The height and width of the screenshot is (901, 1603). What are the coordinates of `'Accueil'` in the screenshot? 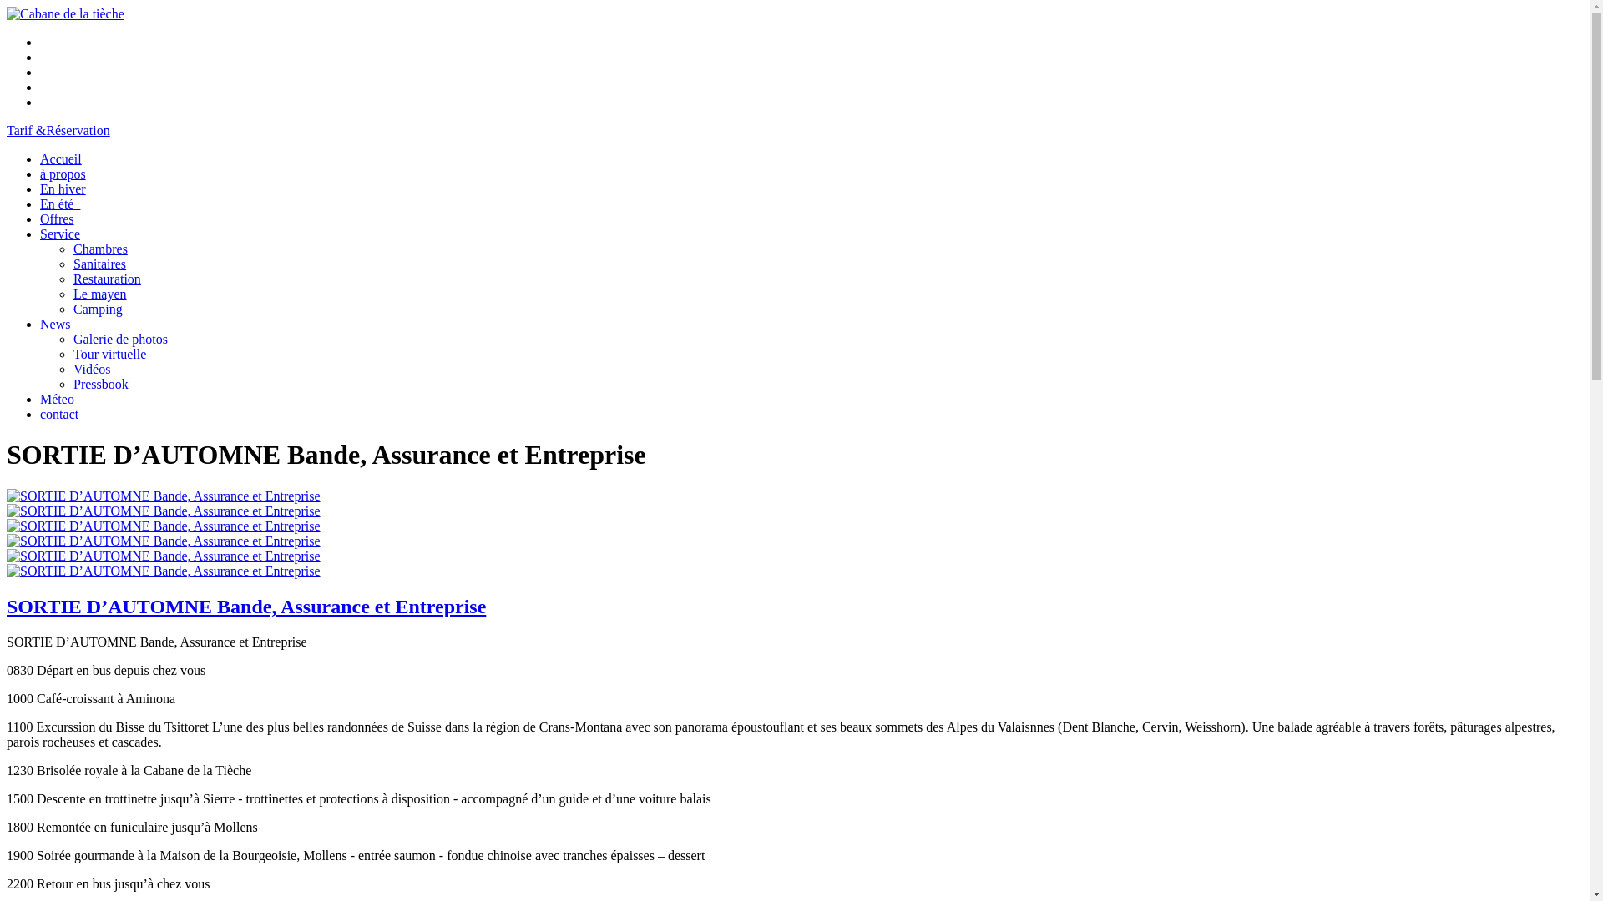 It's located at (60, 159).